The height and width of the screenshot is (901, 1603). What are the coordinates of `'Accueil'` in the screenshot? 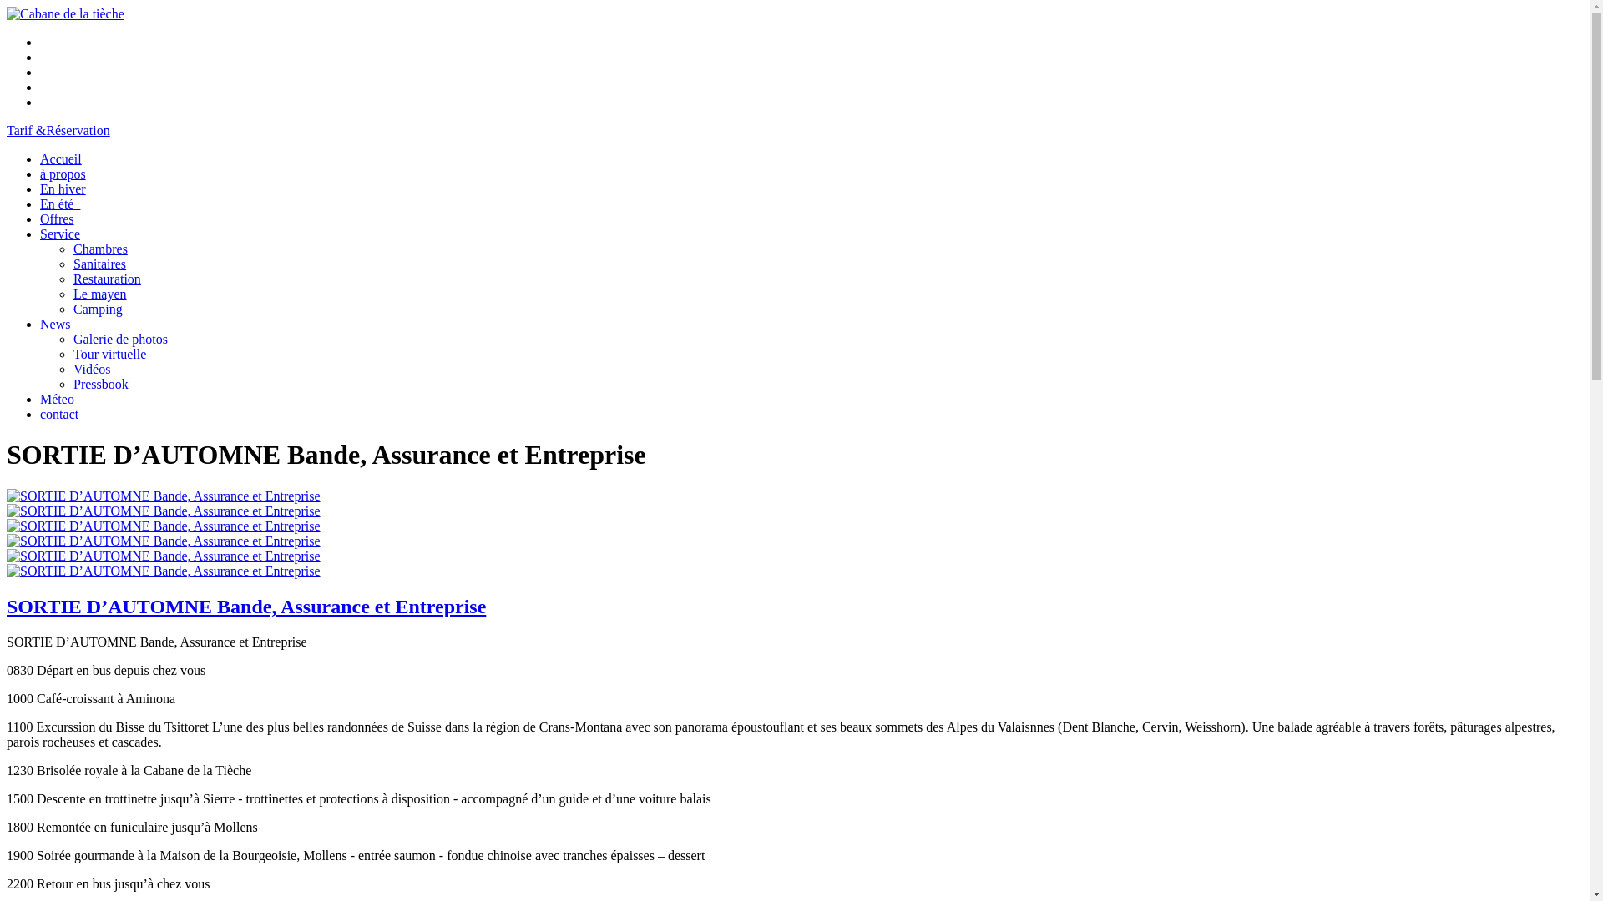 It's located at (60, 159).